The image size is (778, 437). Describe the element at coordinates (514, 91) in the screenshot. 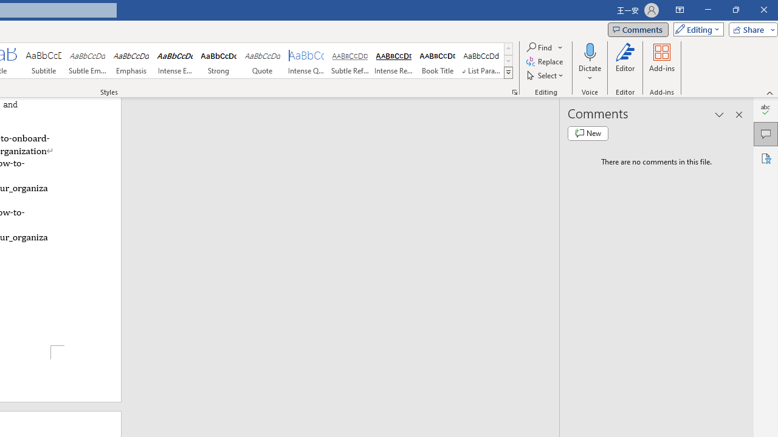

I see `'Styles...'` at that location.